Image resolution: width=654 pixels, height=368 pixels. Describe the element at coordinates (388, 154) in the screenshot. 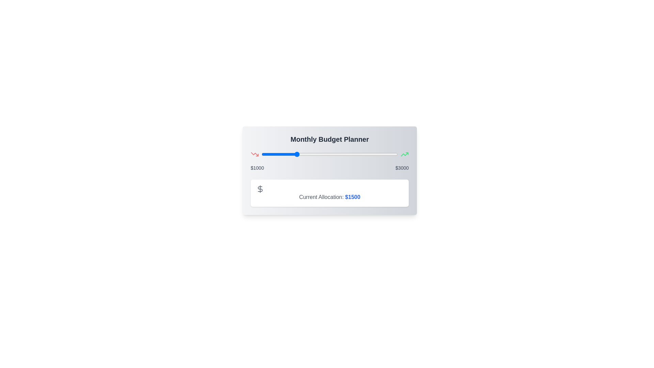

I see `the slider to set the budget allocation to 2864 dollars` at that location.